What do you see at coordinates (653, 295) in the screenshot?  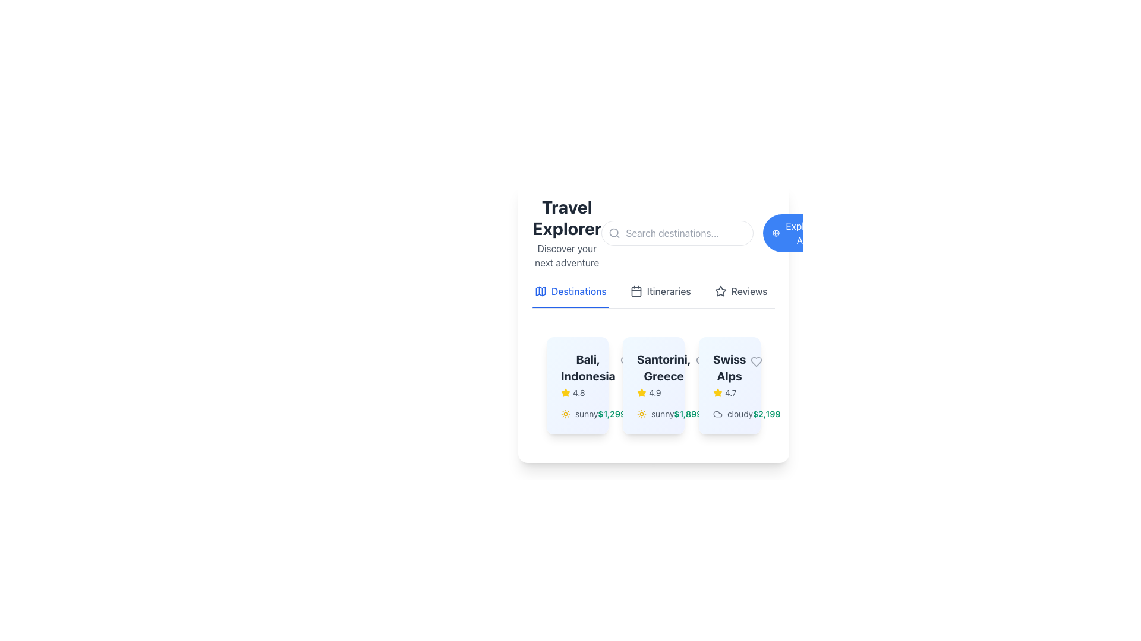 I see `the Interactive tab` at bounding box center [653, 295].